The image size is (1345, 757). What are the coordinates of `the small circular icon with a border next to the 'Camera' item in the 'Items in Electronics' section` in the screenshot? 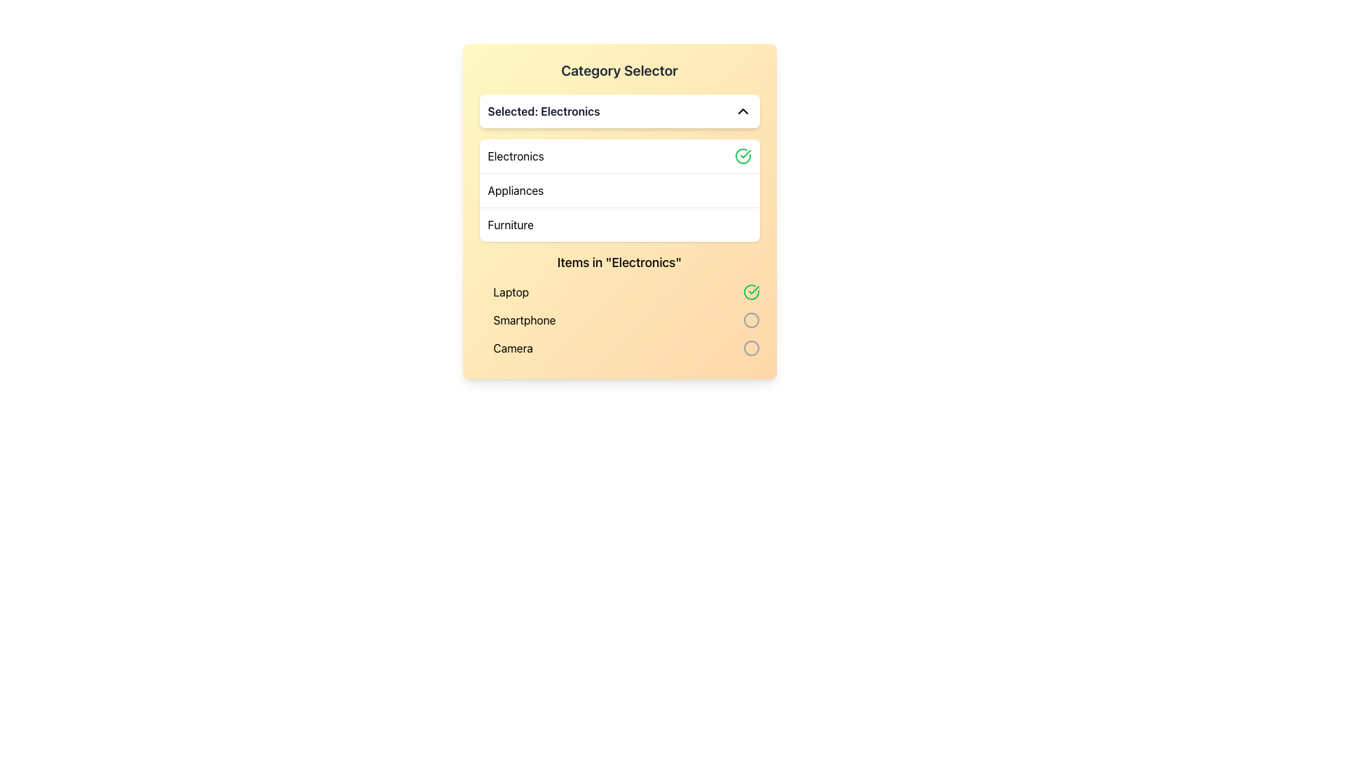 It's located at (750, 348).